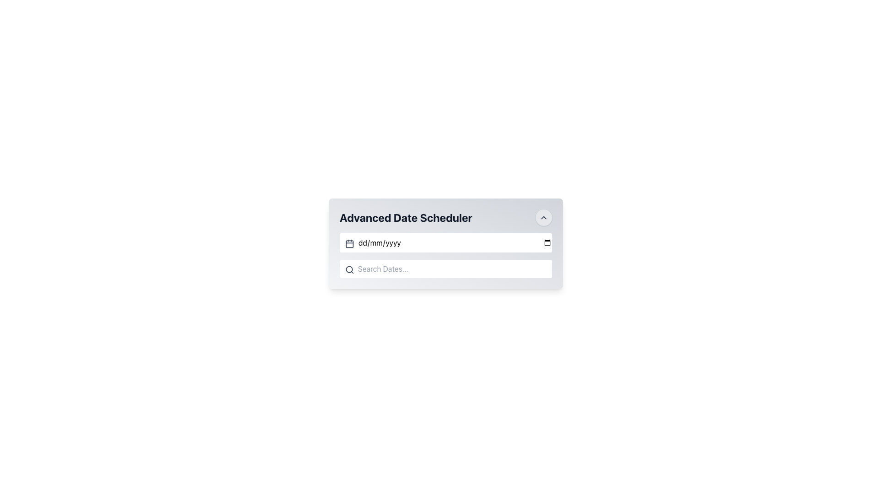 The image size is (879, 494). What do you see at coordinates (544, 217) in the screenshot?
I see `the button located to the far right of the 'Advanced Date Scheduler' header` at bounding box center [544, 217].